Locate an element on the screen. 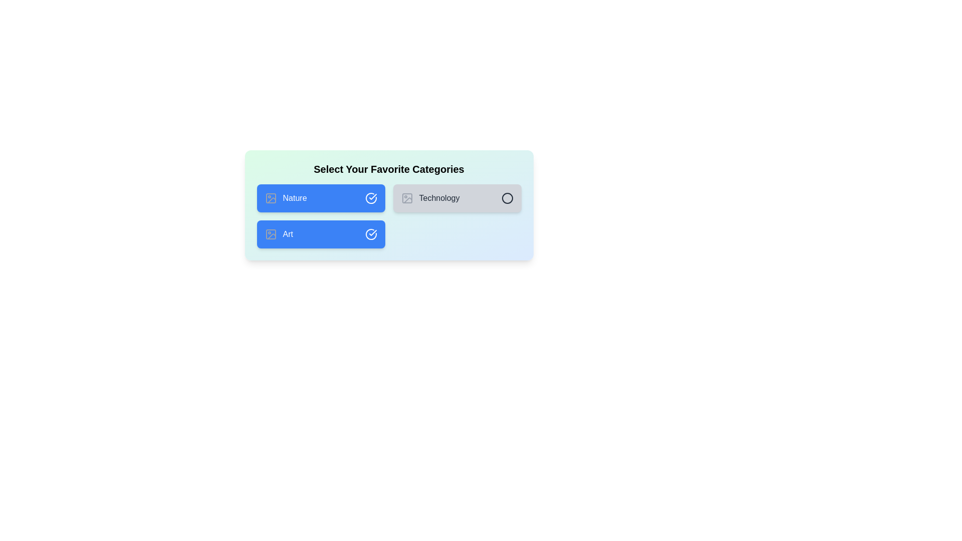  the category Art to observe the hover effect is located at coordinates (321, 234).